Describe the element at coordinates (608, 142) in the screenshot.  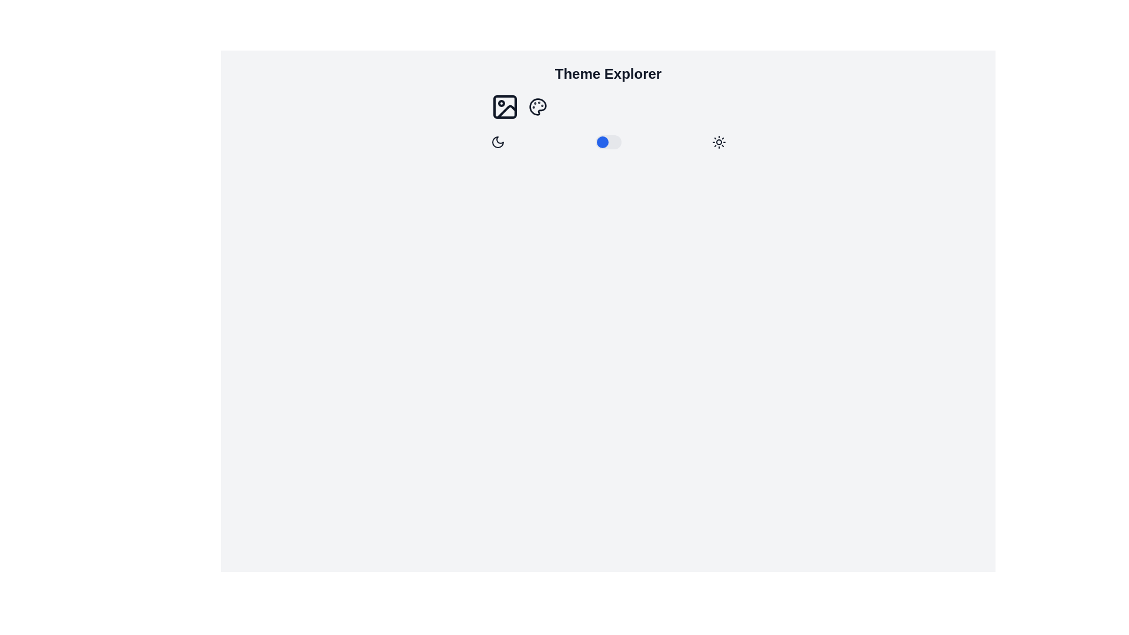
I see `the toggle switch located beside the moon and sun icons for the theme setting, which is positioned below the 'Theme Explorer' text` at that location.